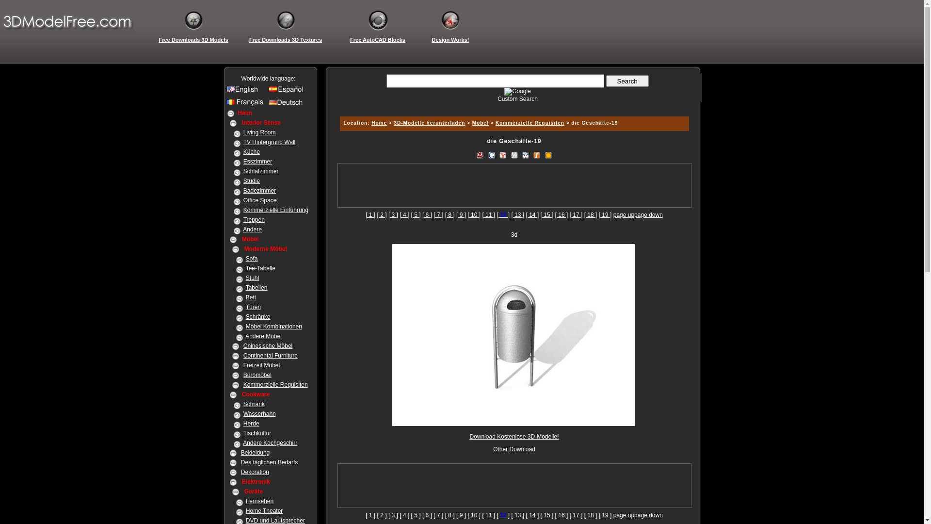 The height and width of the screenshot is (524, 931). What do you see at coordinates (627, 80) in the screenshot?
I see `'    Search    '` at bounding box center [627, 80].